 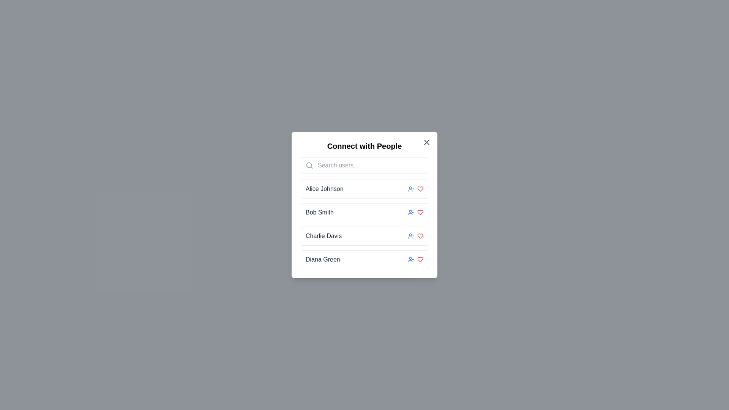 I want to click on the profile entry for 'Diana Green', the fourth item in the vertical list of profiles, so click(x=364, y=259).